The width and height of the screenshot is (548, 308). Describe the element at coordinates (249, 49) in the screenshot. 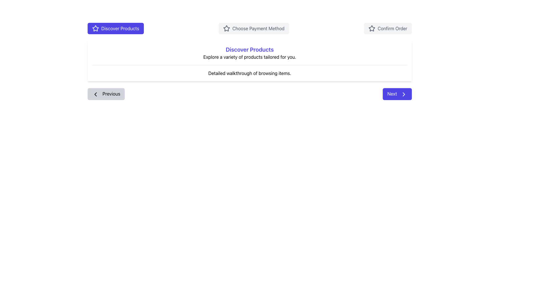

I see `text label that says 'Discover Products', which is styled in bold indigo font and is positioned as the header in the center of a card-like section` at that location.